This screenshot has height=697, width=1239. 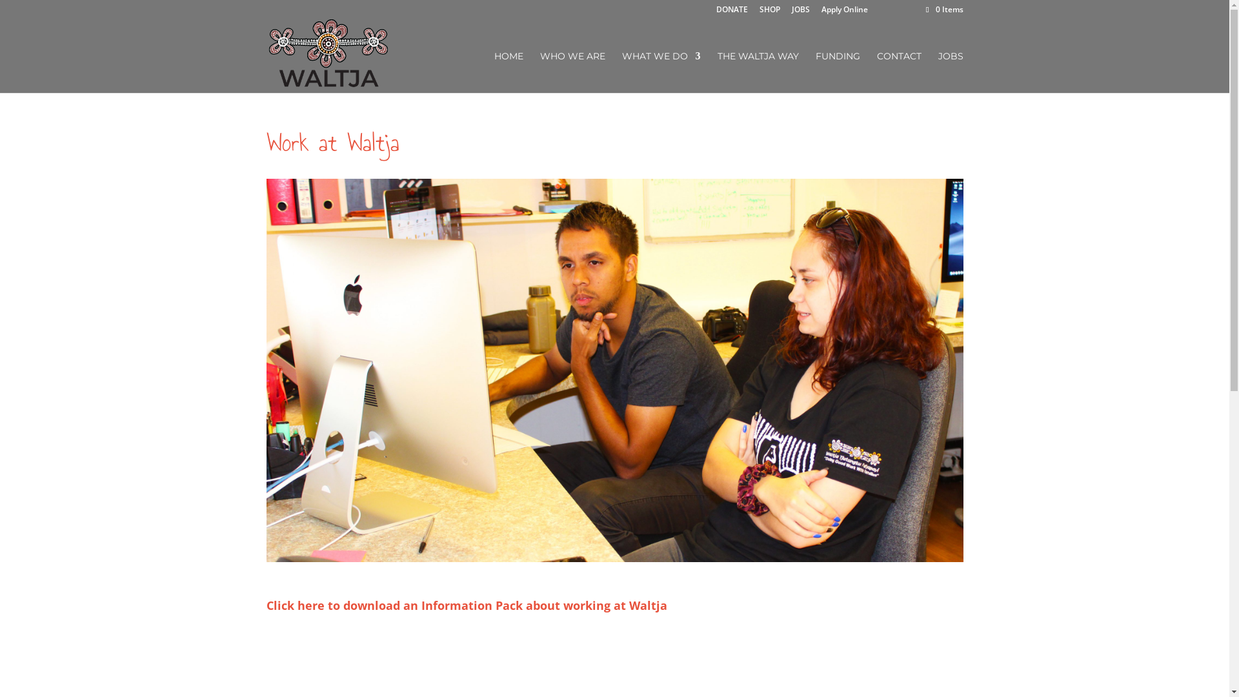 I want to click on 'DONATE', so click(x=732, y=12).